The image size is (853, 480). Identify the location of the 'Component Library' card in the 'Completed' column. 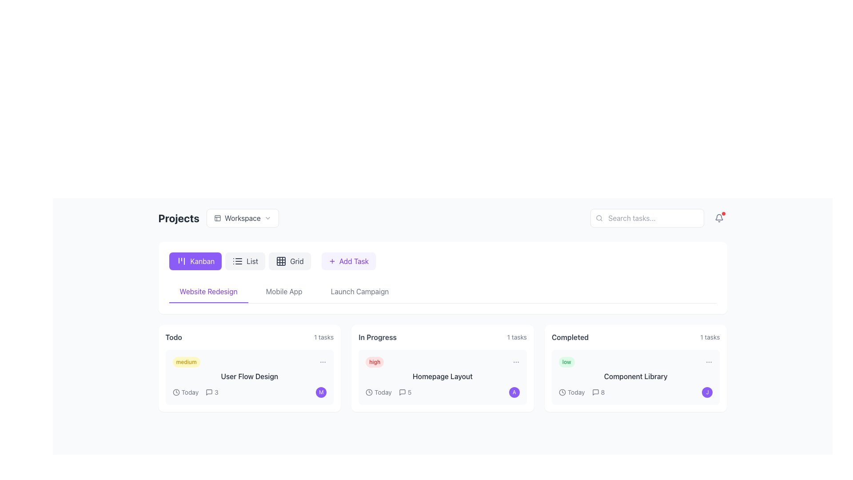
(635, 377).